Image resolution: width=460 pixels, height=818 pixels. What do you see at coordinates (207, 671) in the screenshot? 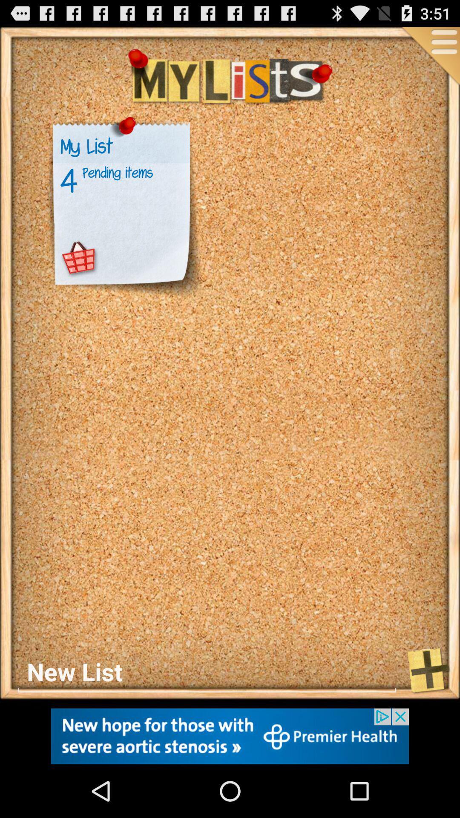
I see `see new list` at bounding box center [207, 671].